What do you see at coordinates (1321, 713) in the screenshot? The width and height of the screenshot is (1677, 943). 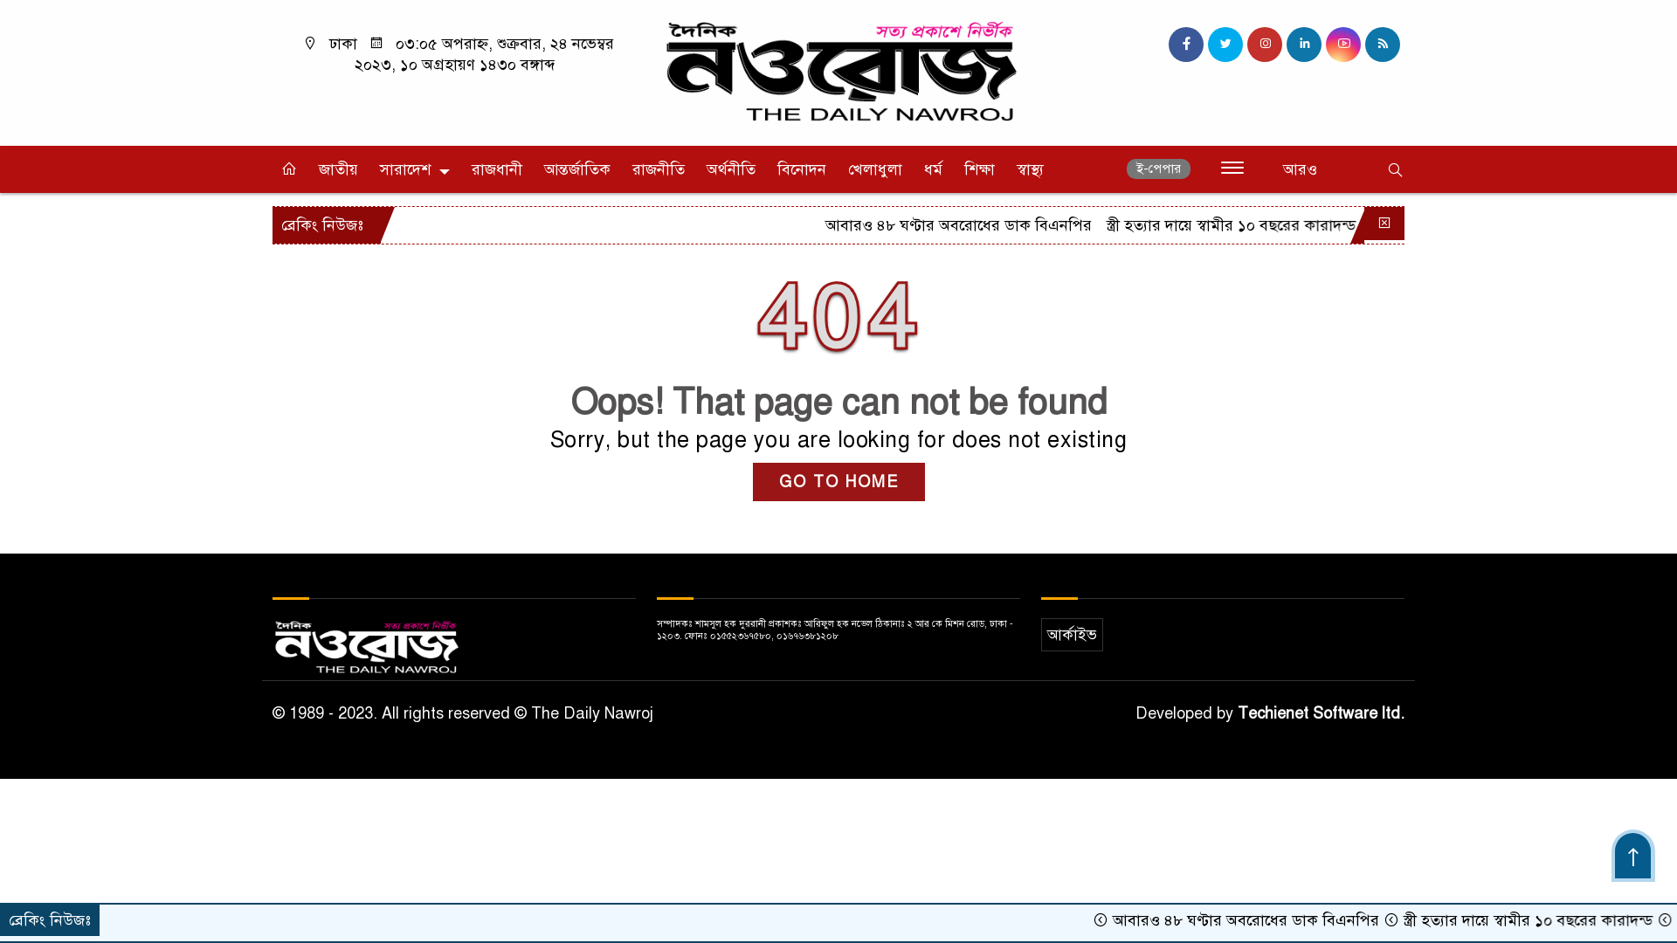 I see `'Techienet Software ltd.'` at bounding box center [1321, 713].